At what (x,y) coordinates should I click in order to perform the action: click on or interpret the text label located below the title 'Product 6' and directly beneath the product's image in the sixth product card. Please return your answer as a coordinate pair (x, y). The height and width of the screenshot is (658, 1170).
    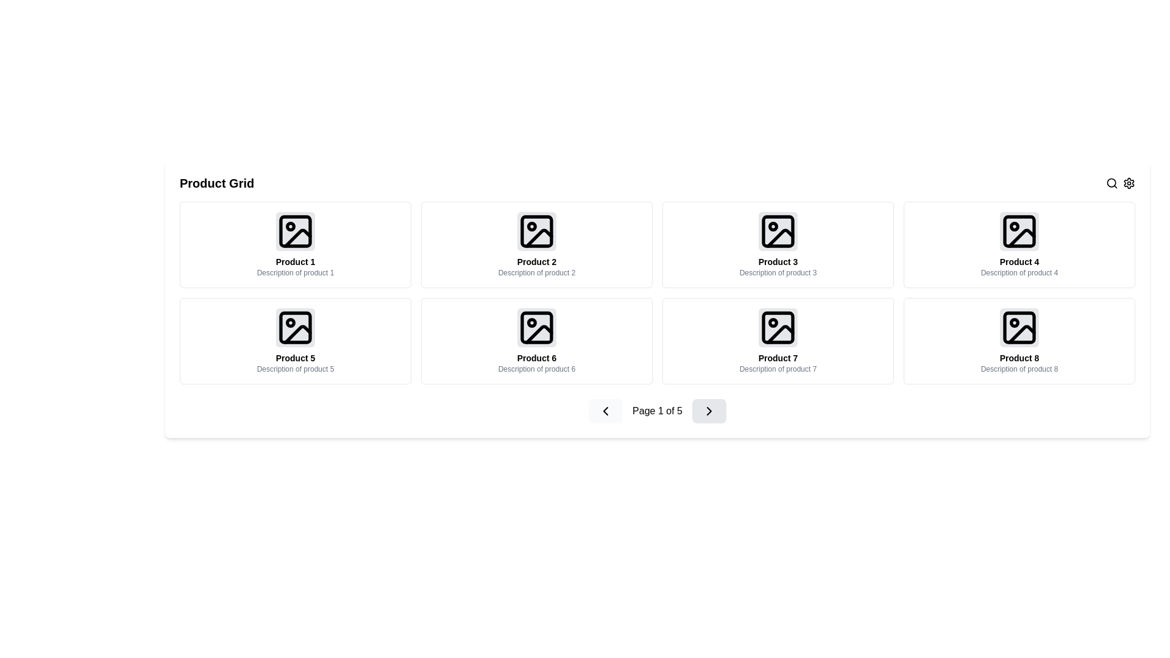
    Looking at the image, I should click on (536, 368).